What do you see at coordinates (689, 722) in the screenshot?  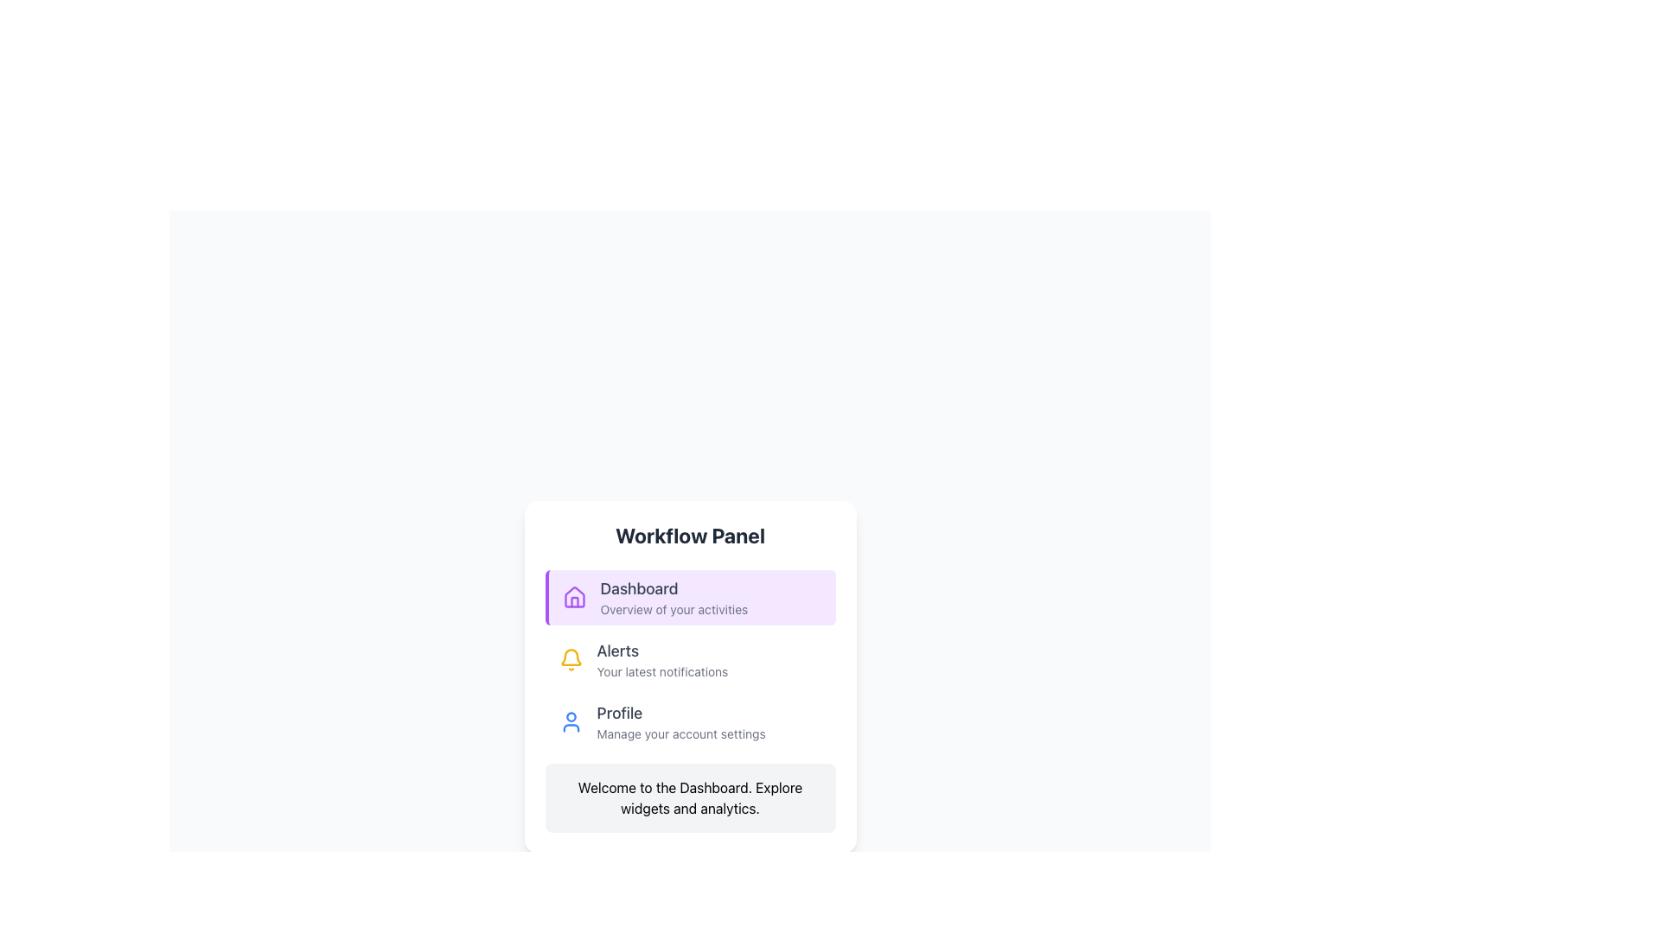 I see `the 'Profile' button, which features a blue user icon and is located below the 'Alerts' option in the Workflow Panel` at bounding box center [689, 722].